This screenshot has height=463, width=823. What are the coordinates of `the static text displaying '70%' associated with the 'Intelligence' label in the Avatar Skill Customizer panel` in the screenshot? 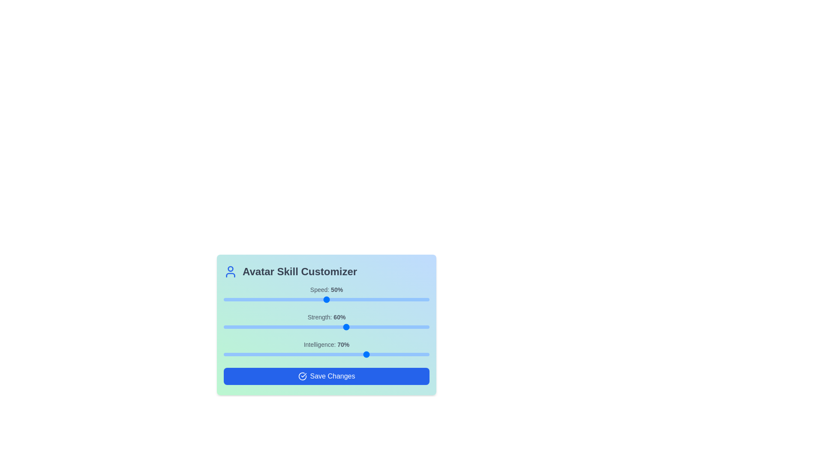 It's located at (343, 344).